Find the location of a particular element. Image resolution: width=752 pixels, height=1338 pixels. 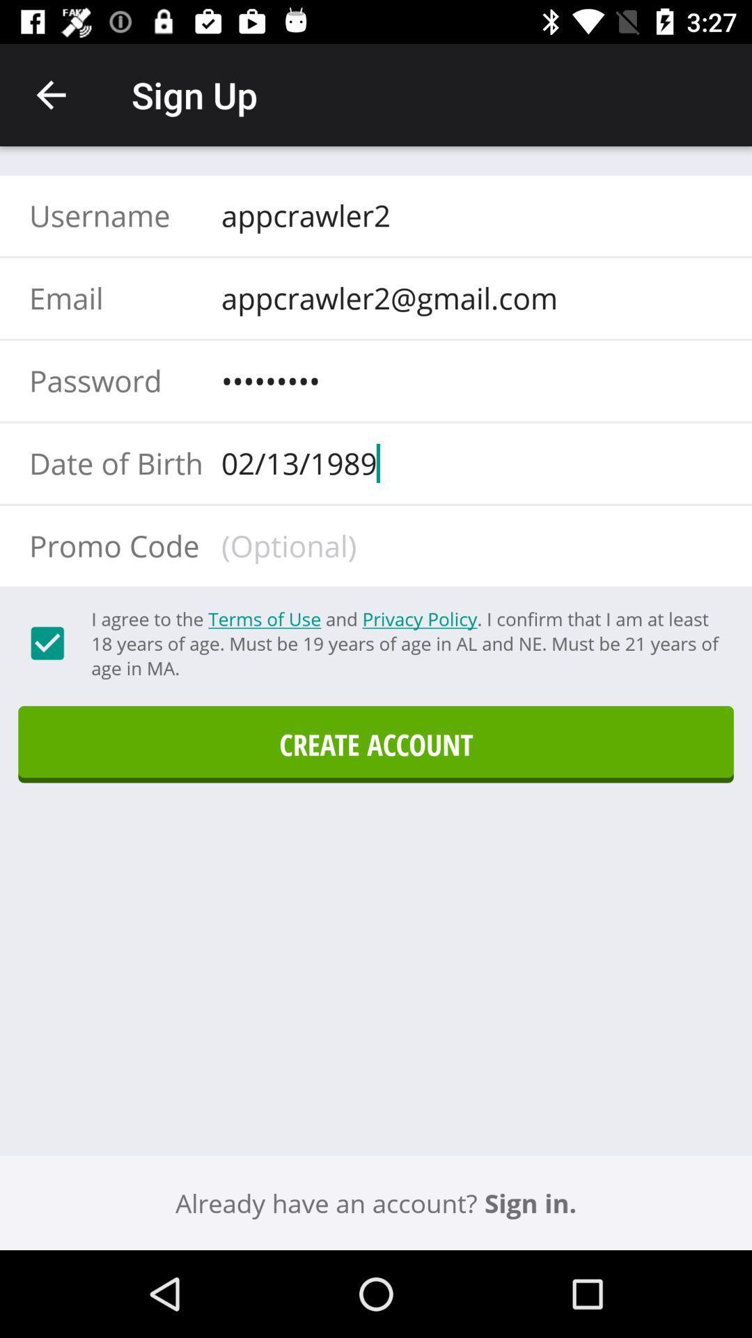

the item to the right of the email item is located at coordinates (467, 297).